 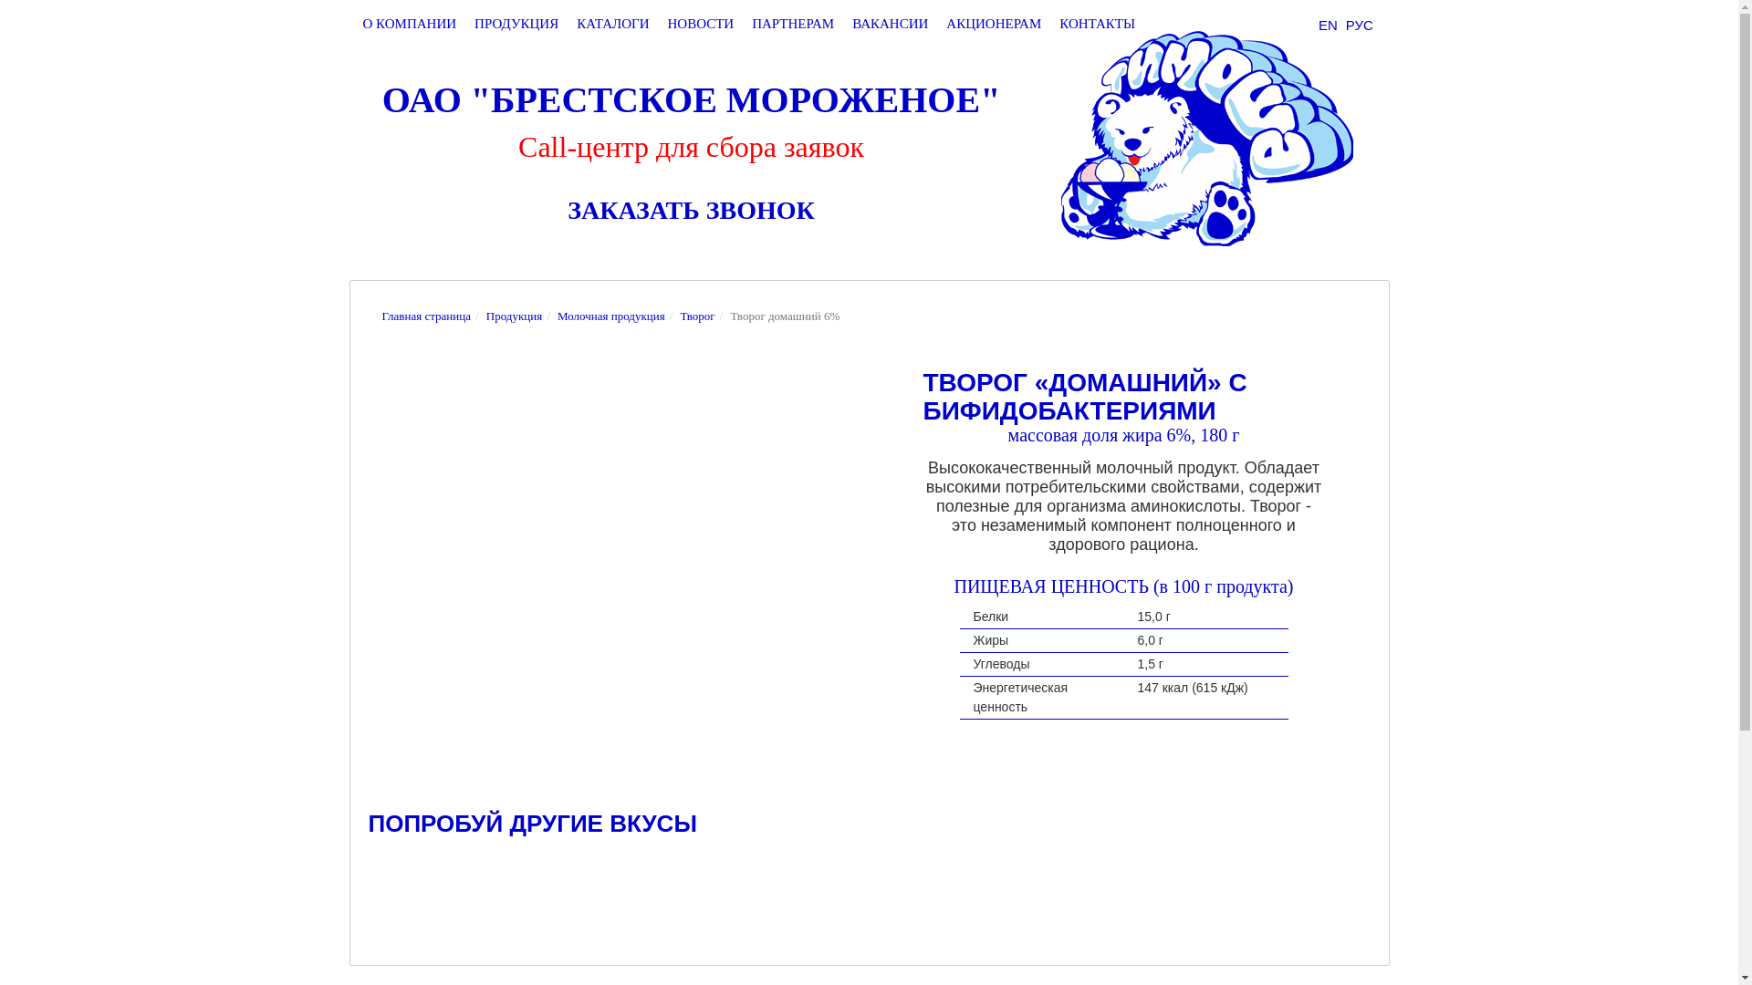 I want to click on 'EN', so click(x=1328, y=25).